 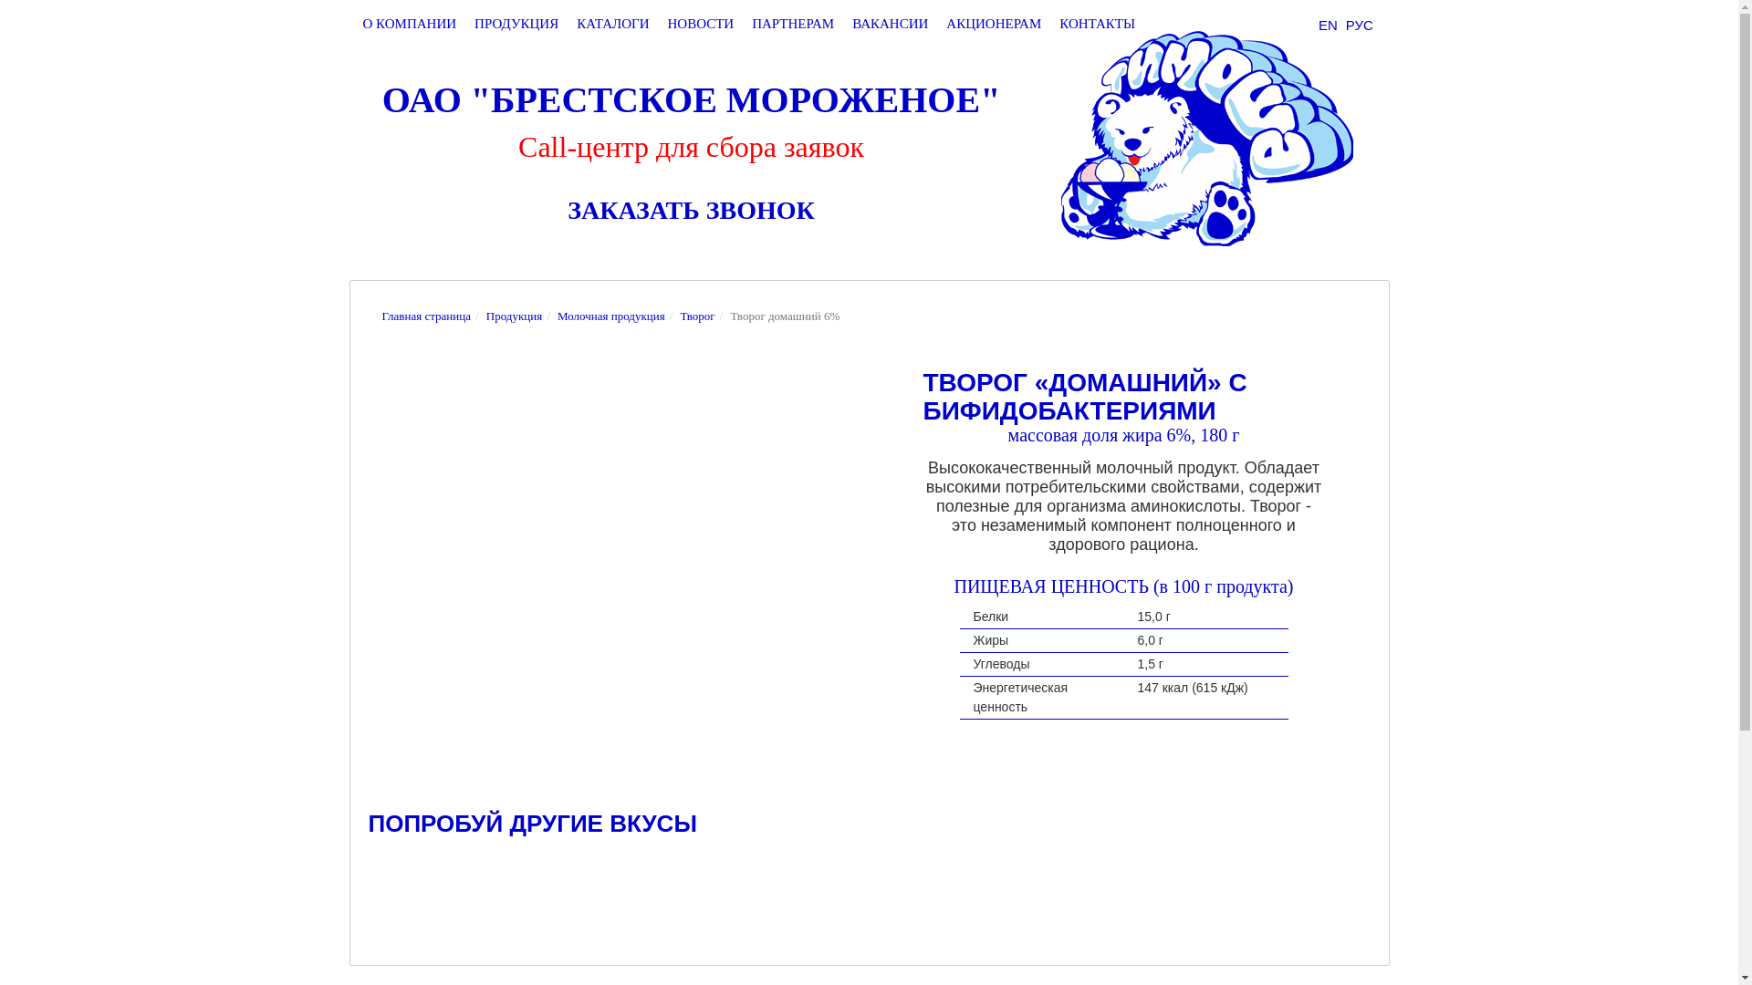 I want to click on 'EN', so click(x=1328, y=25).